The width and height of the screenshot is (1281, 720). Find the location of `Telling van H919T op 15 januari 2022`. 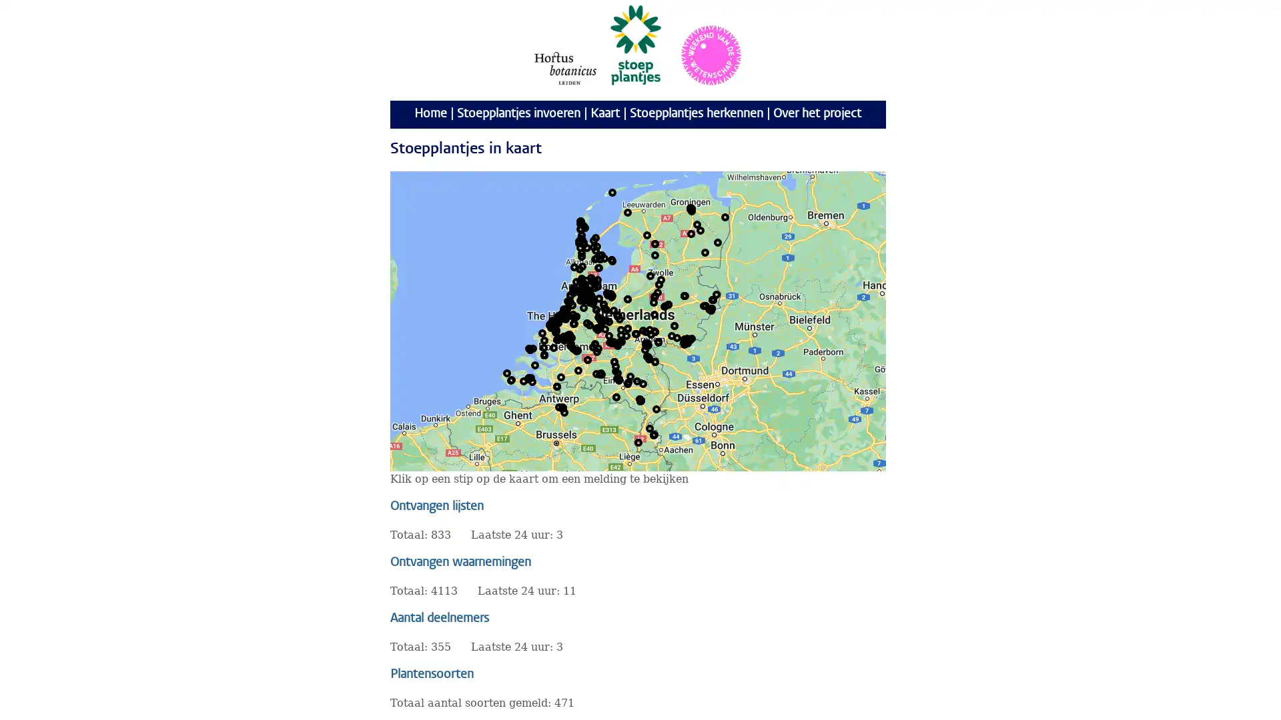

Telling van H919T op 15 januari 2022 is located at coordinates (566, 308).